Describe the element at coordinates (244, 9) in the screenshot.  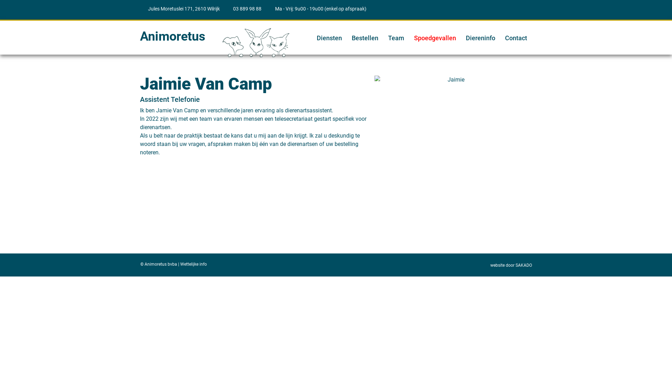
I see `'03 889 98 88'` at that location.